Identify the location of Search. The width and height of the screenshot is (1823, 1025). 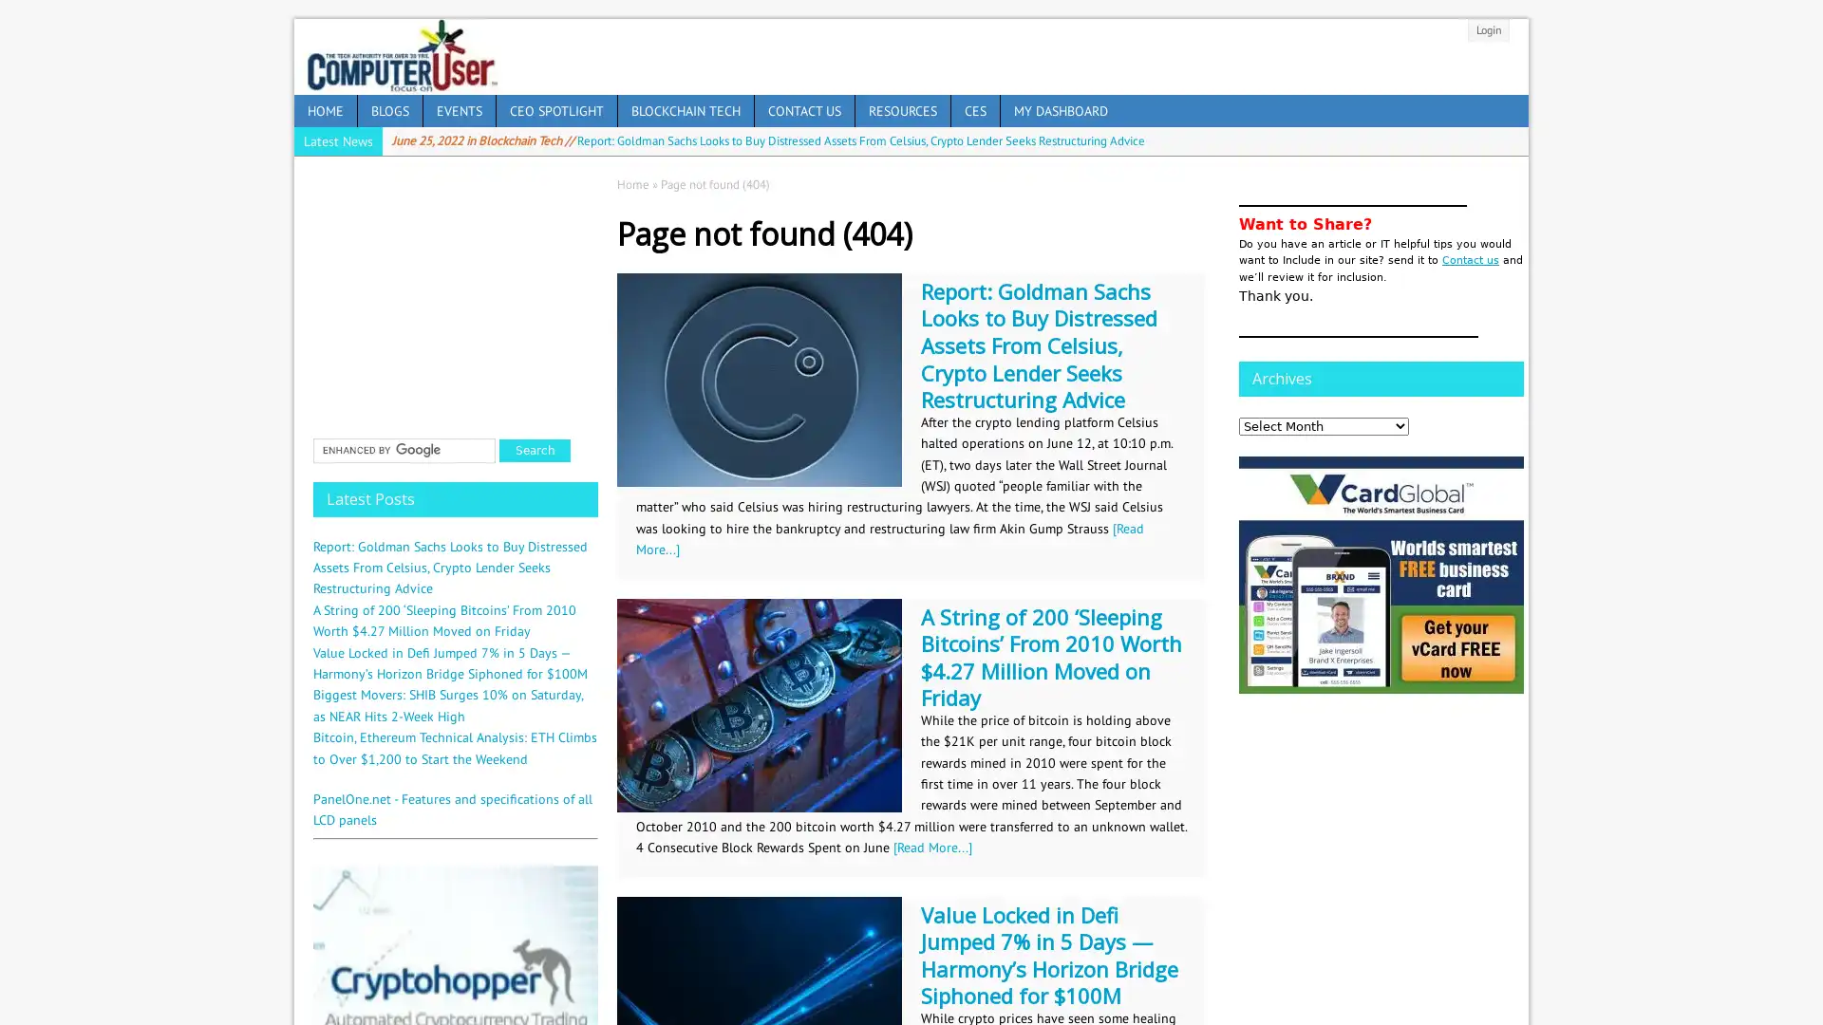
(534, 450).